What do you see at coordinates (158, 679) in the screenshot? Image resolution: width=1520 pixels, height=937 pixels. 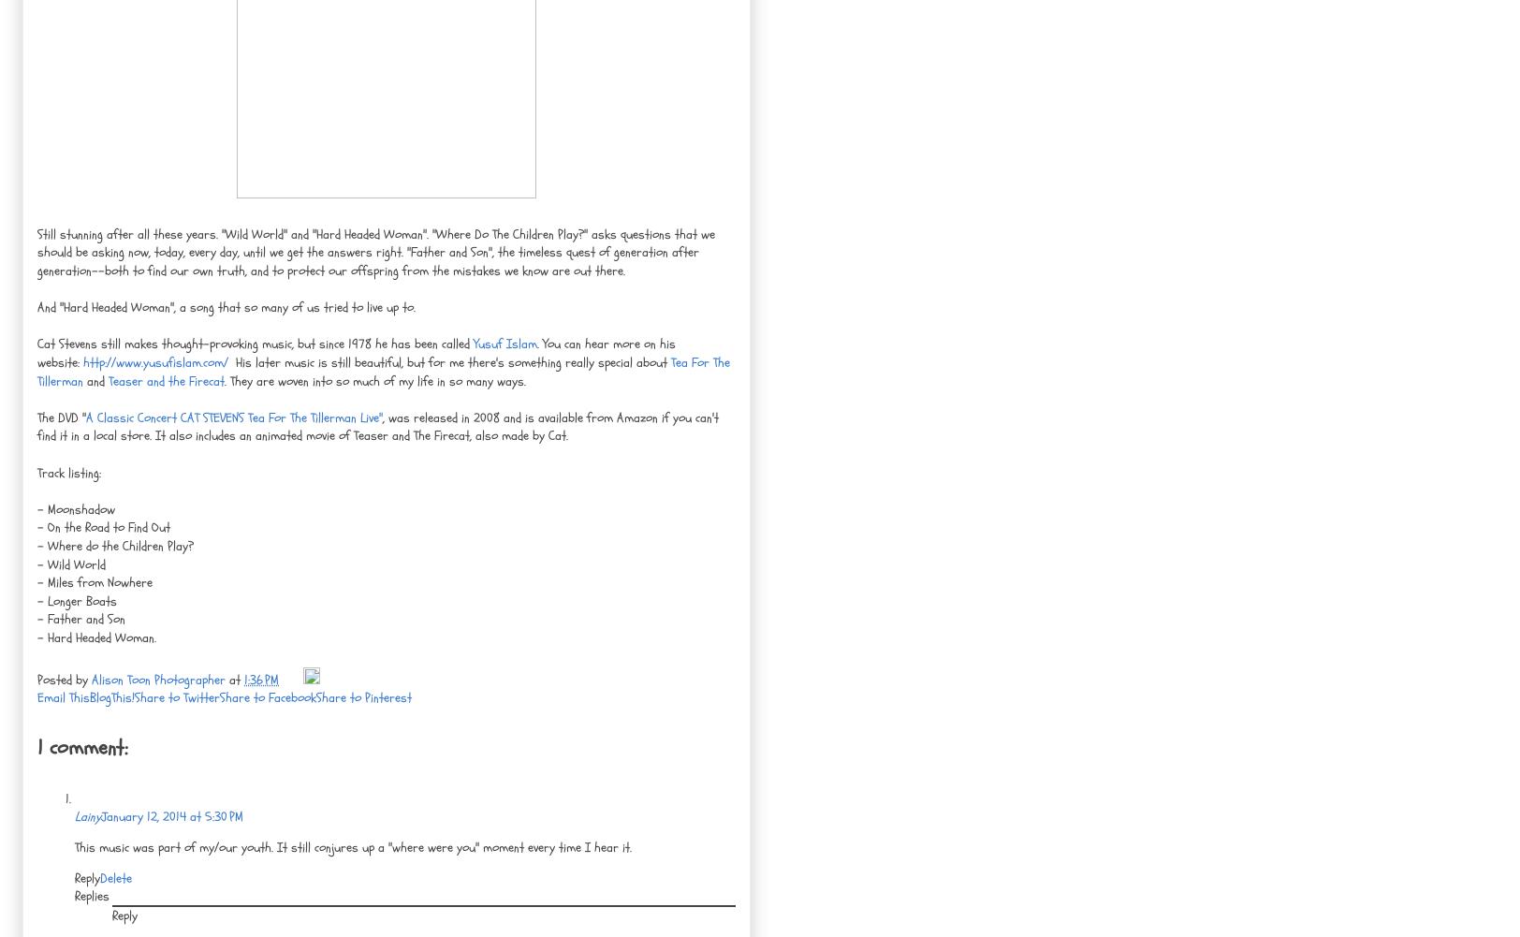 I see `'Alison Toon Photographer'` at bounding box center [158, 679].